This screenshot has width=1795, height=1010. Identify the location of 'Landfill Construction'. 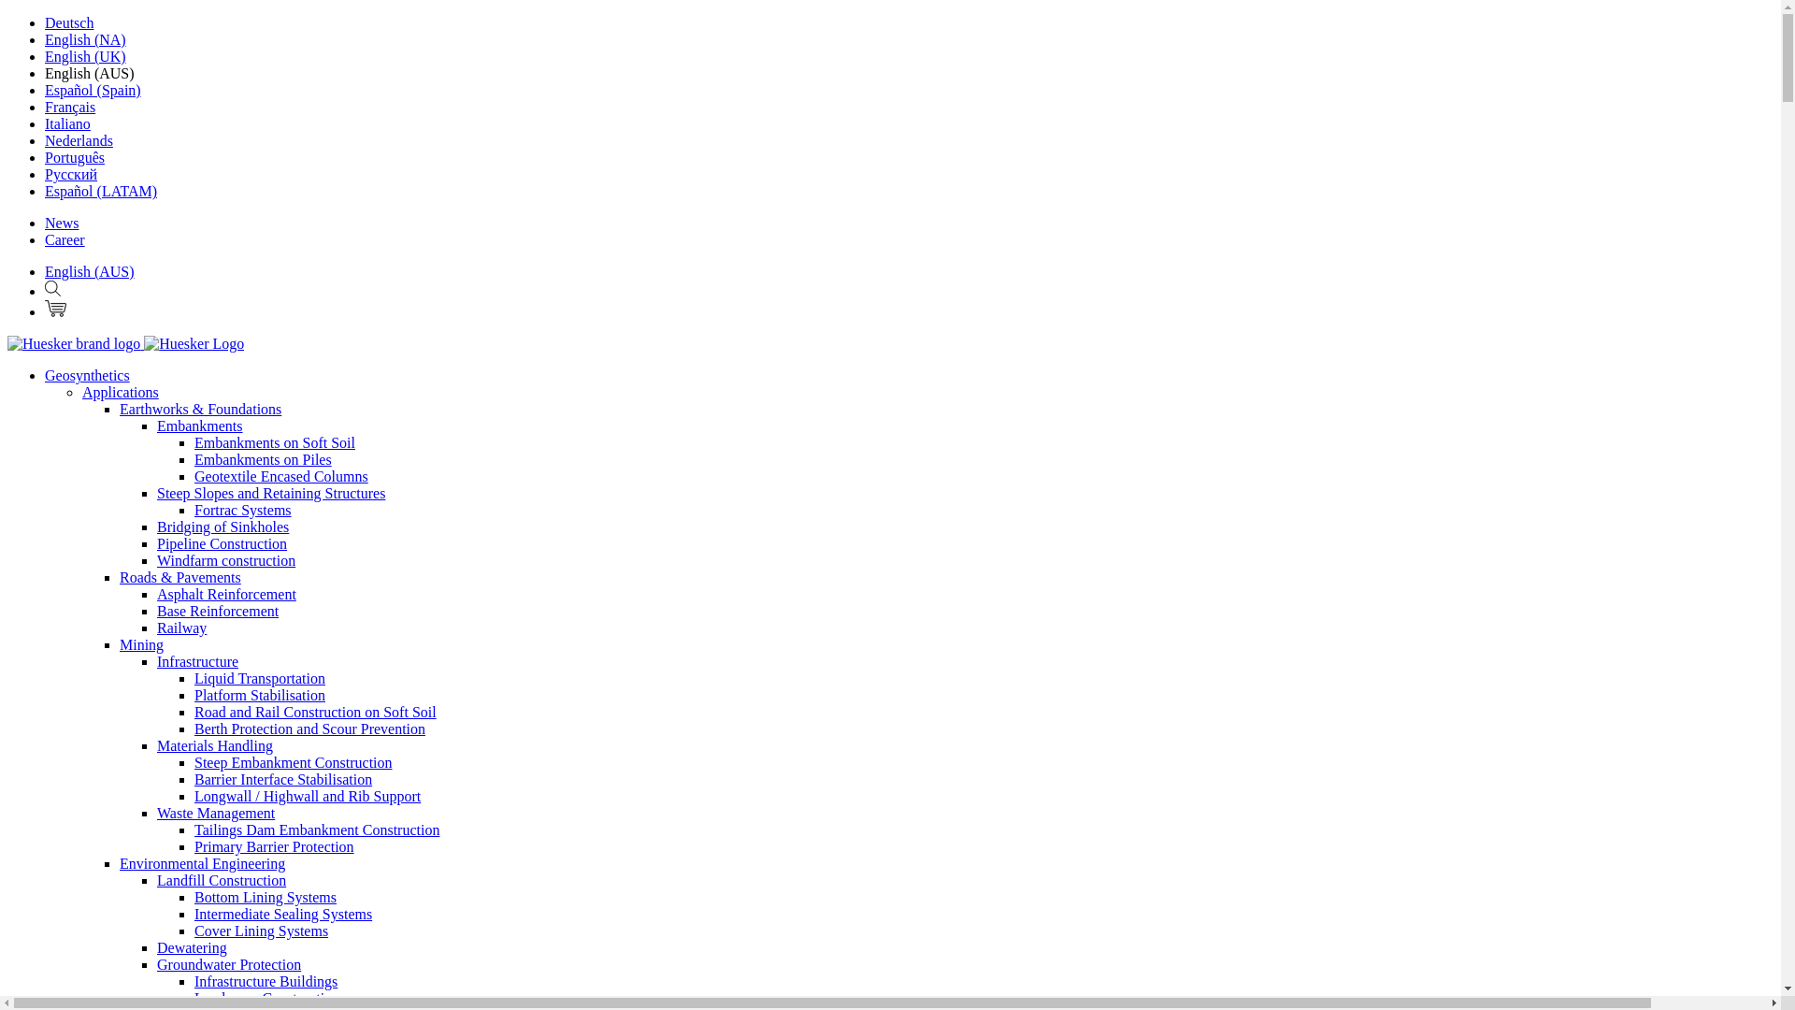
(221, 880).